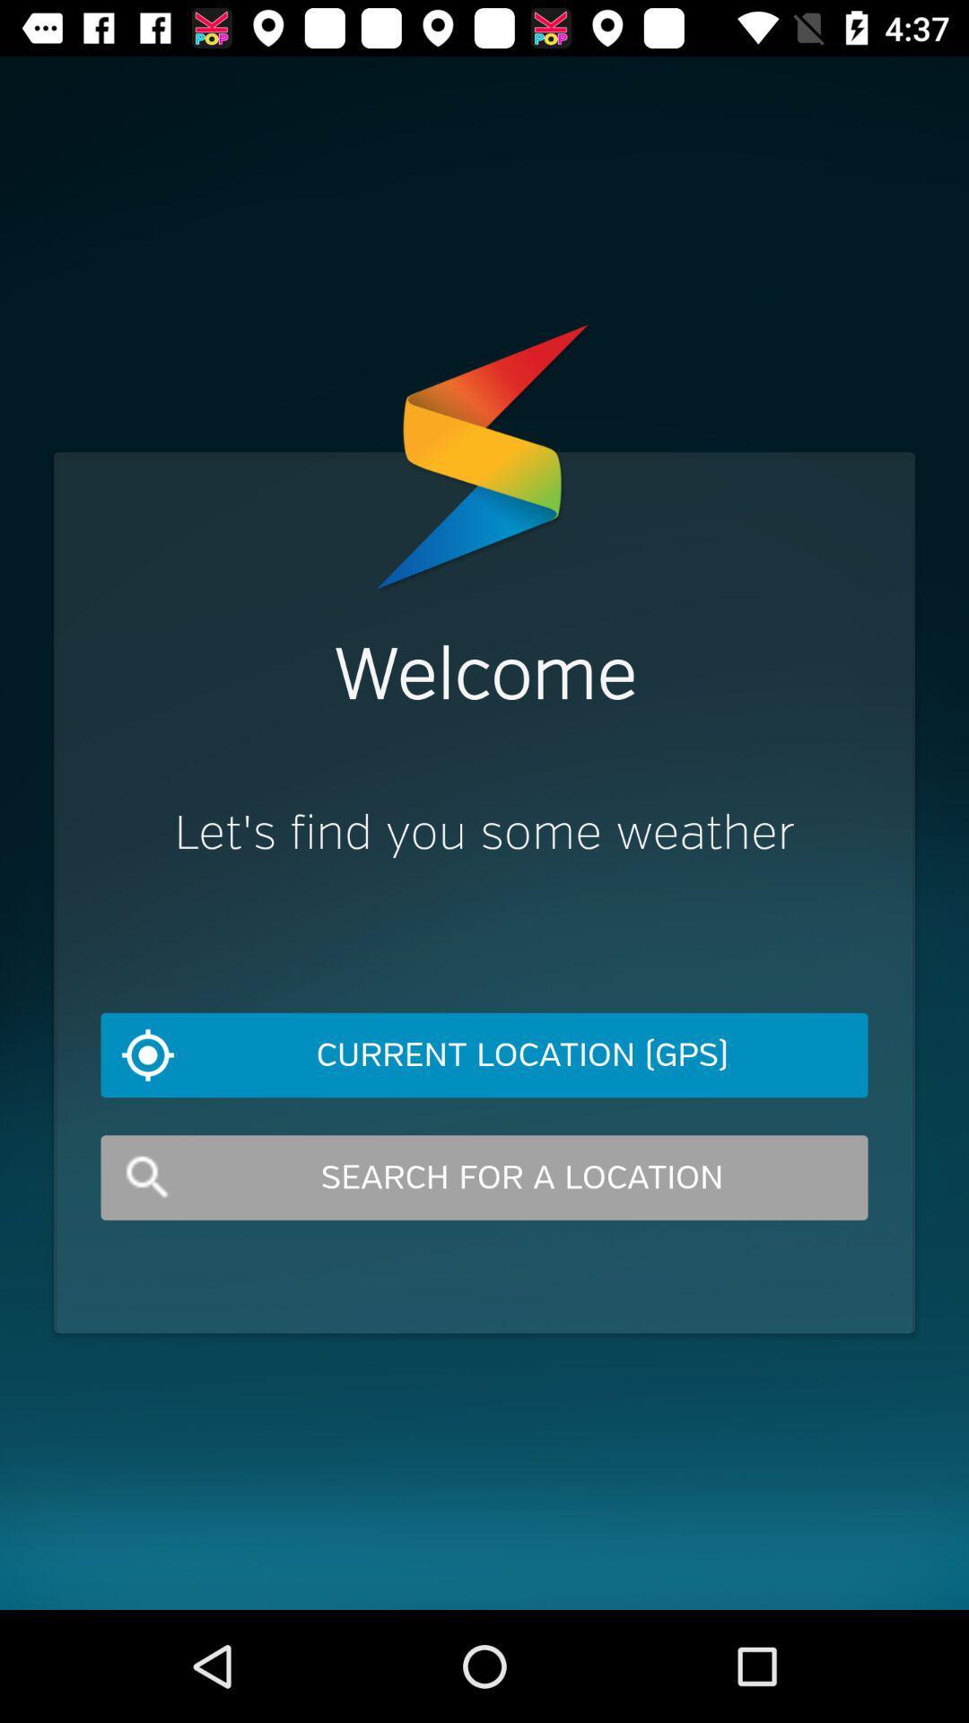 The image size is (969, 1723). I want to click on the search for a, so click(484, 1177).